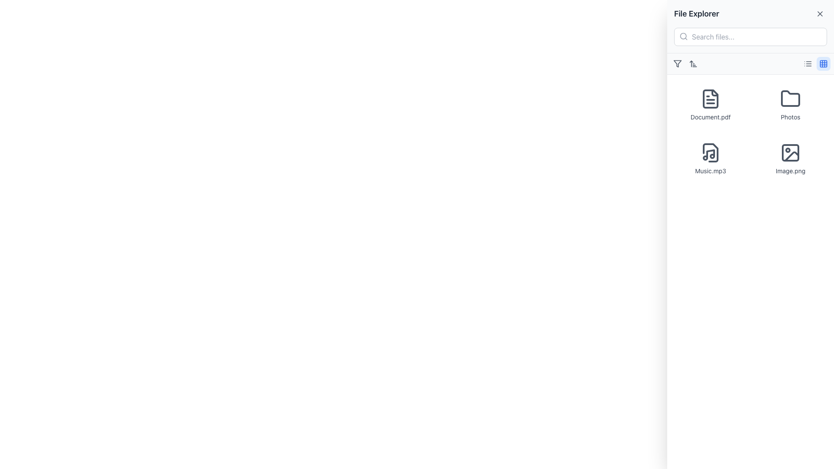 Image resolution: width=834 pixels, height=469 pixels. What do you see at coordinates (711, 152) in the screenshot?
I see `the music file icon, which is a gray minimalist design featuring a sheet of paper and music notes, located above the label 'Music.mp3'` at bounding box center [711, 152].